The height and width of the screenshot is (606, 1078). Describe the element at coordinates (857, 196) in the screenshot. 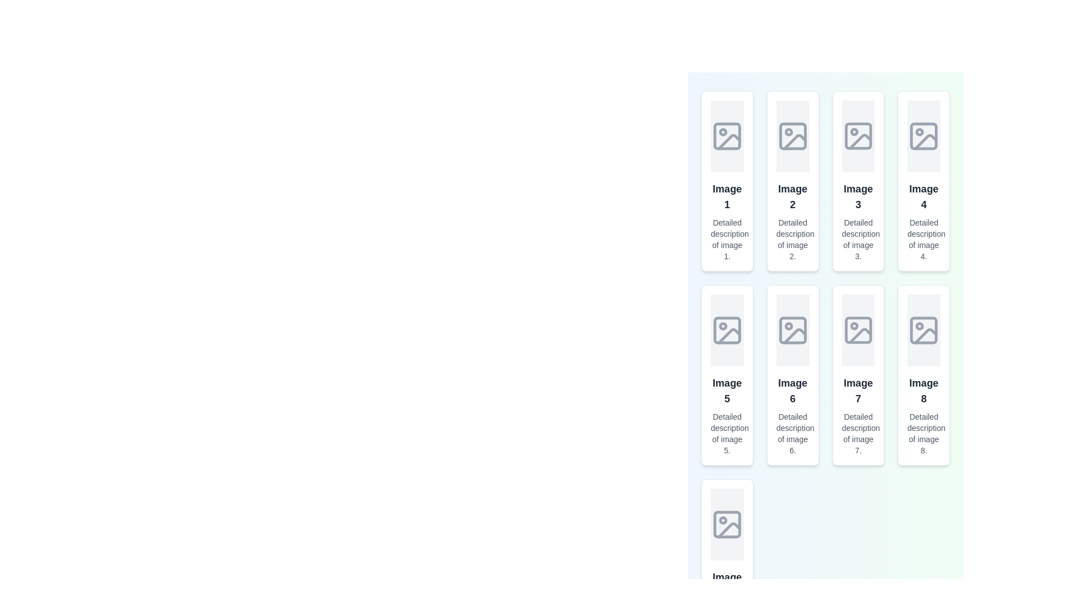

I see `the title or header text label located in the third column of the first row of the grid layout to associate it with the image and description below` at that location.